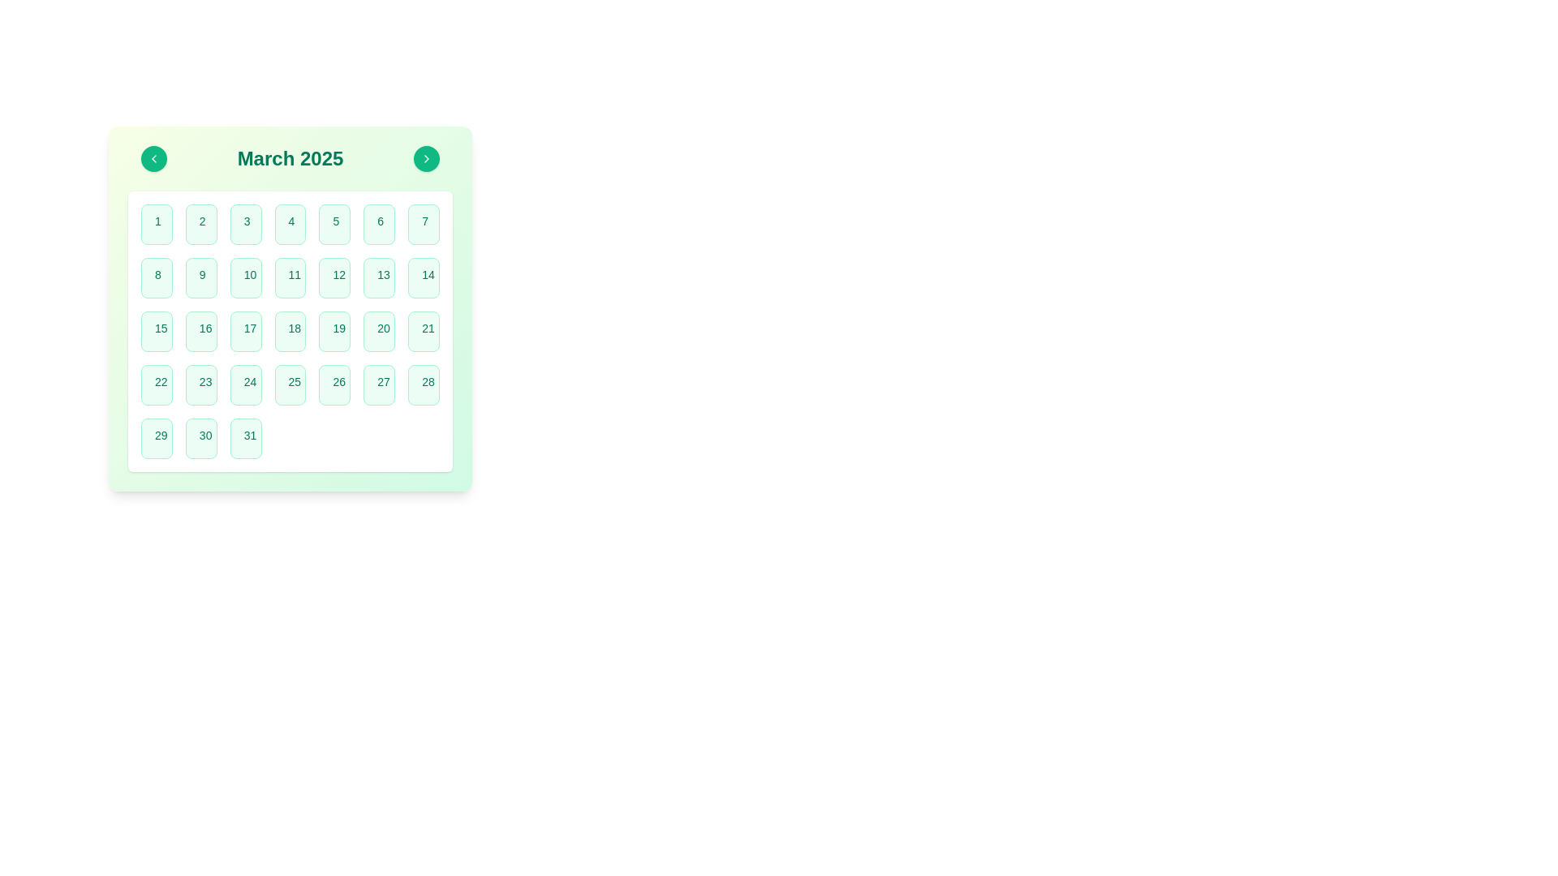 The height and width of the screenshot is (876, 1558). I want to click on the circular green button with a white rightwards chevron icon in the header section of the calendar for 'March 2025', so click(427, 159).